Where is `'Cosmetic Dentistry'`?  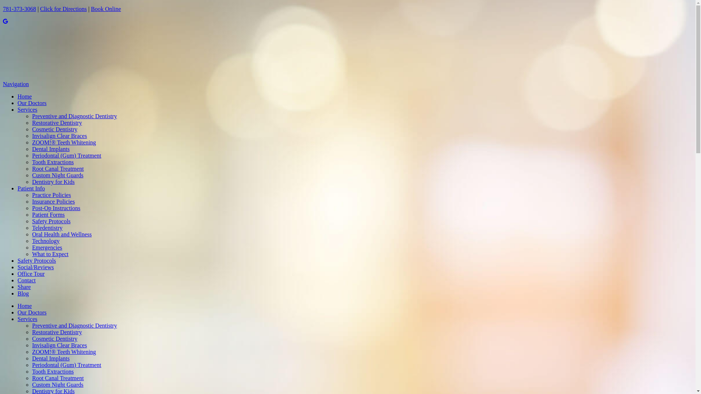
'Cosmetic Dentistry' is located at coordinates (31, 339).